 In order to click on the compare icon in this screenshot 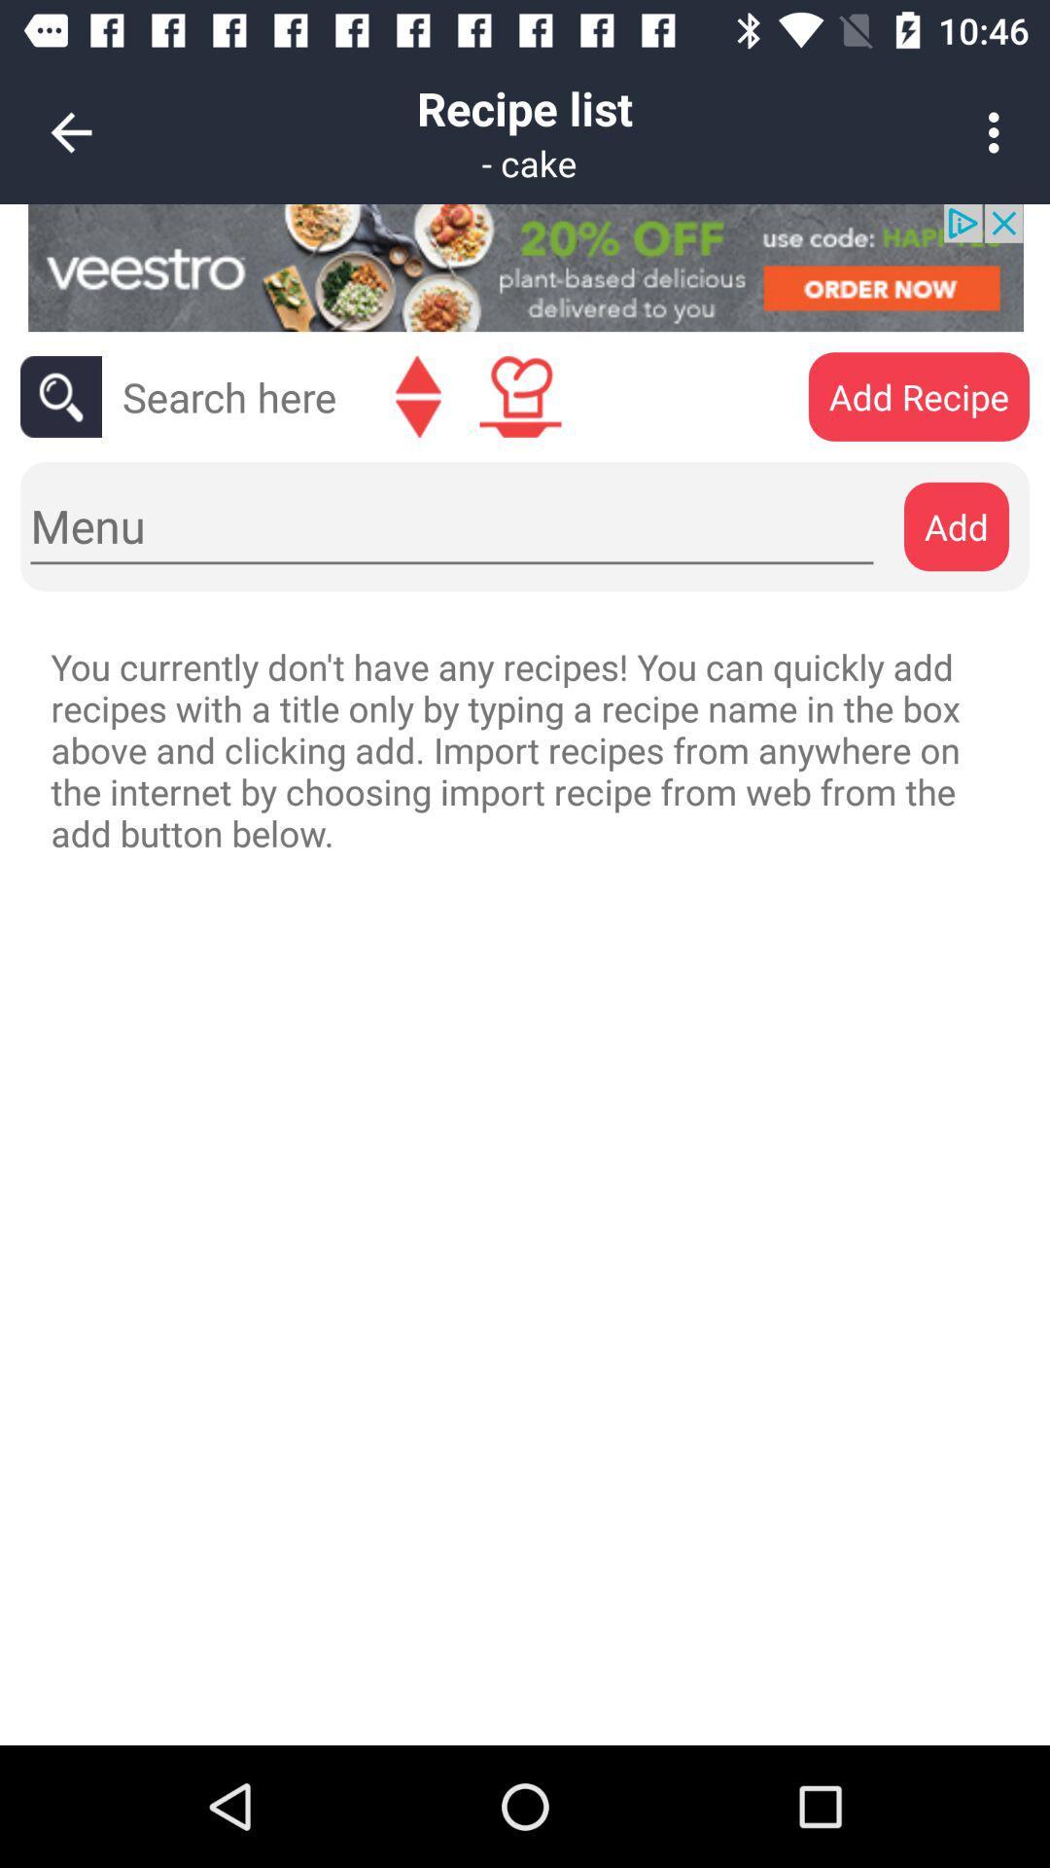, I will do `click(417, 396)`.